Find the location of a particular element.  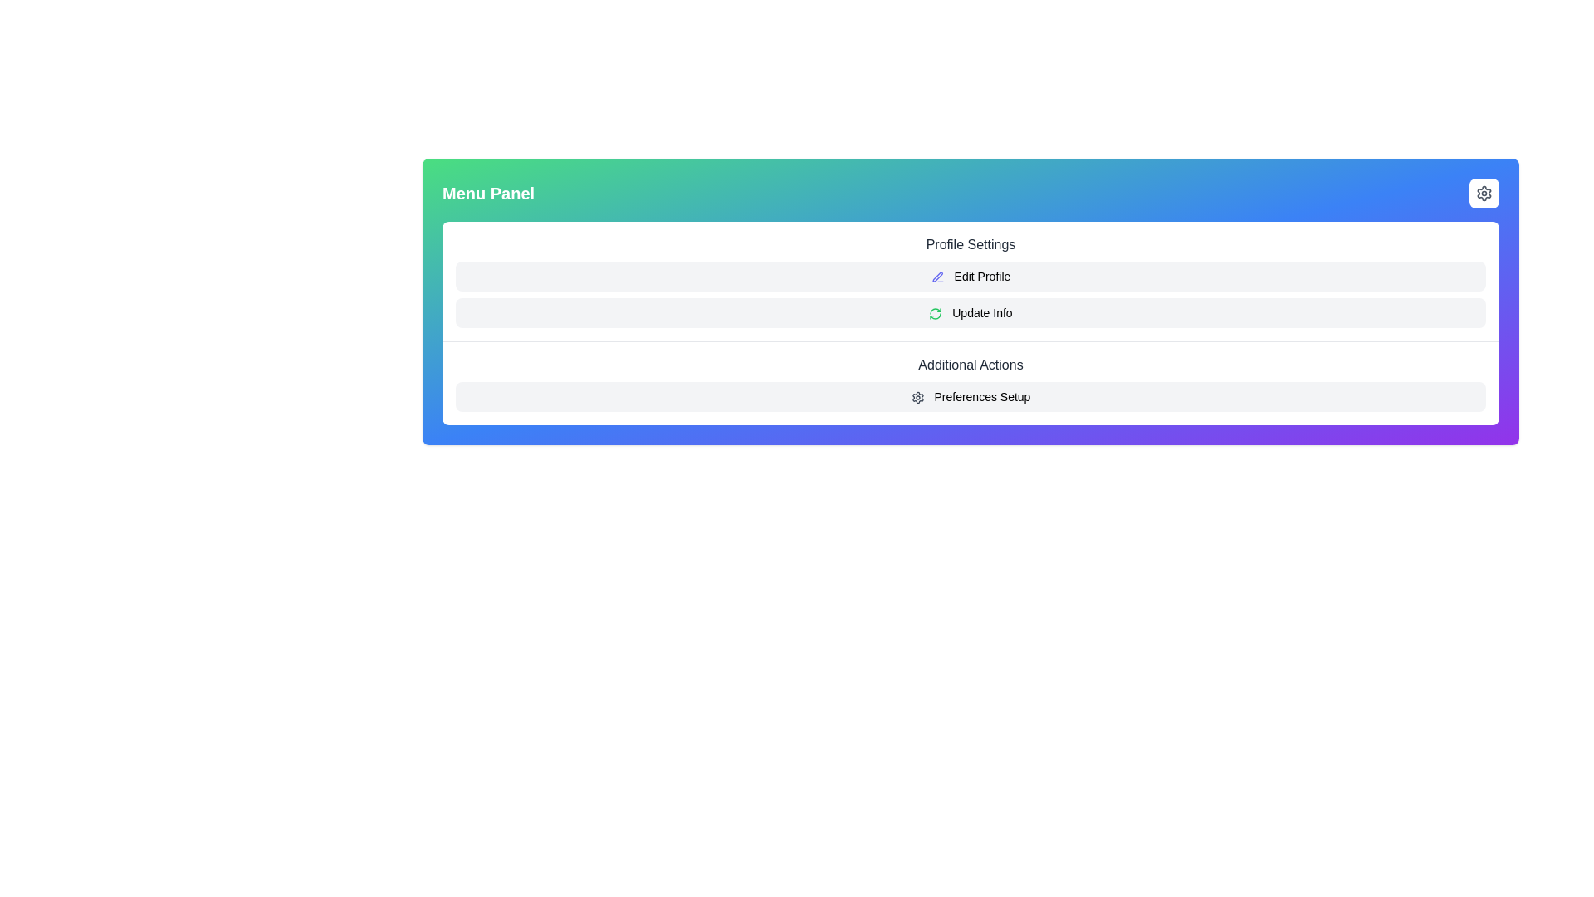

the circular cog wheel icon in the top-right corner of the Menu Panel to bring focus is located at coordinates (1484, 192).